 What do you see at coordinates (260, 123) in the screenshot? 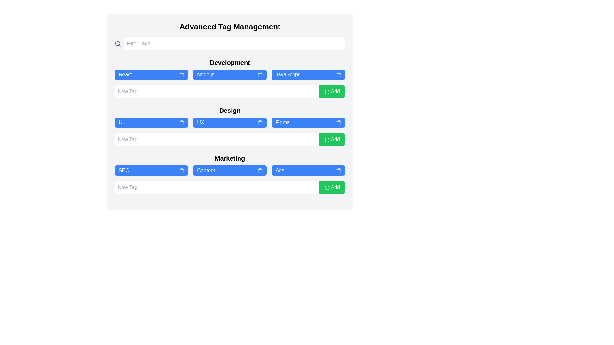
I see `the trash can icon button, which is styled in white on a semi-transparent blue button, located in the 'Design' category to the right of the 'UX' label` at bounding box center [260, 123].